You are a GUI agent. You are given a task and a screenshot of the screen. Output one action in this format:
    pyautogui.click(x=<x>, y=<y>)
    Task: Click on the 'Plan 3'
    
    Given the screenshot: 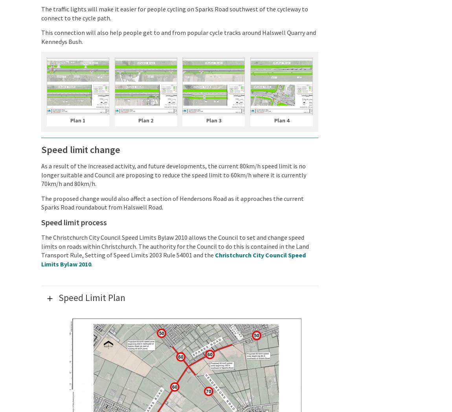 What is the action you would take?
    pyautogui.click(x=213, y=120)
    